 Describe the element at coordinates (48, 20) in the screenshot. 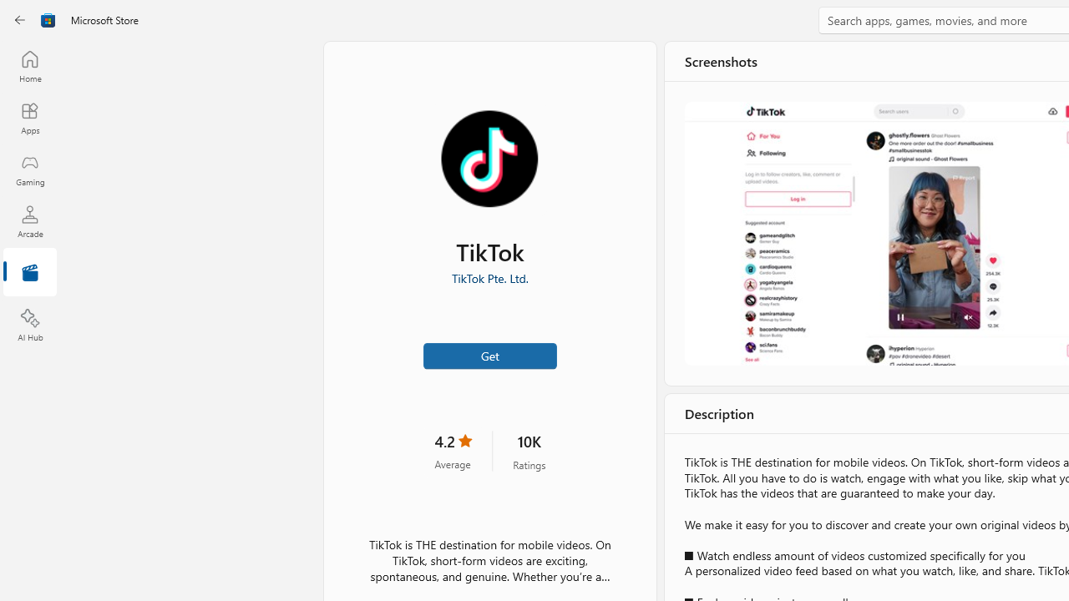

I see `'Class: Image'` at that location.